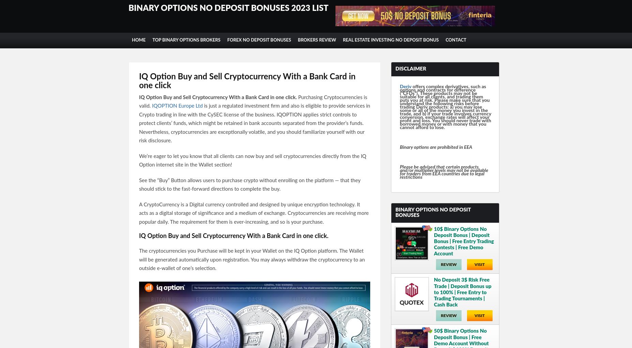 The width and height of the screenshot is (632, 348). What do you see at coordinates (138, 40) in the screenshot?
I see `'Home'` at bounding box center [138, 40].